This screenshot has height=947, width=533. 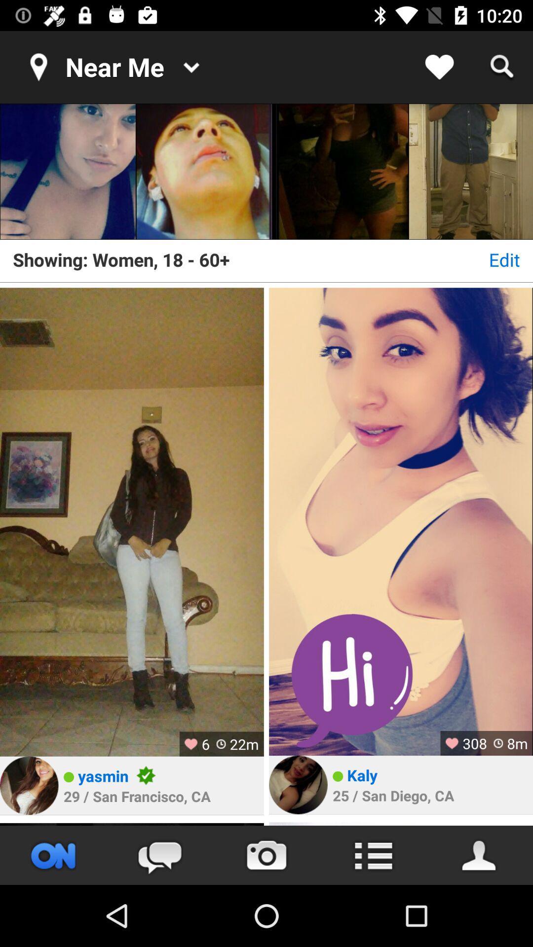 What do you see at coordinates (298, 784) in the screenshot?
I see `avatar` at bounding box center [298, 784].